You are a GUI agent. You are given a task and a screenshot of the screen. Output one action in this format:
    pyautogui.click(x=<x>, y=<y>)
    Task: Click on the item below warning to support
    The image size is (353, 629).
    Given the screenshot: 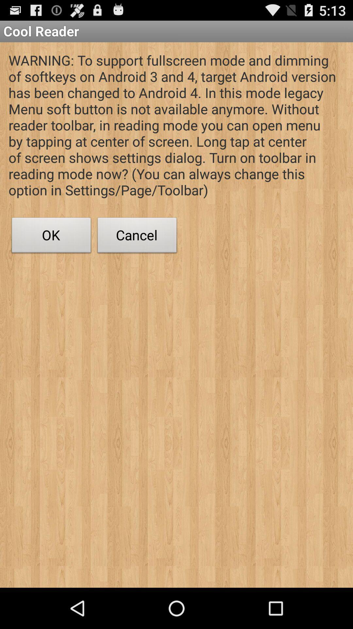 What is the action you would take?
    pyautogui.click(x=51, y=237)
    